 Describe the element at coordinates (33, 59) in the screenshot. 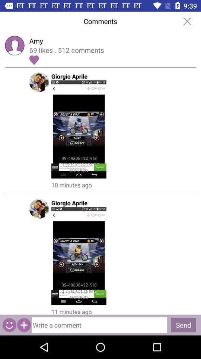

I see `the favorite icon` at that location.